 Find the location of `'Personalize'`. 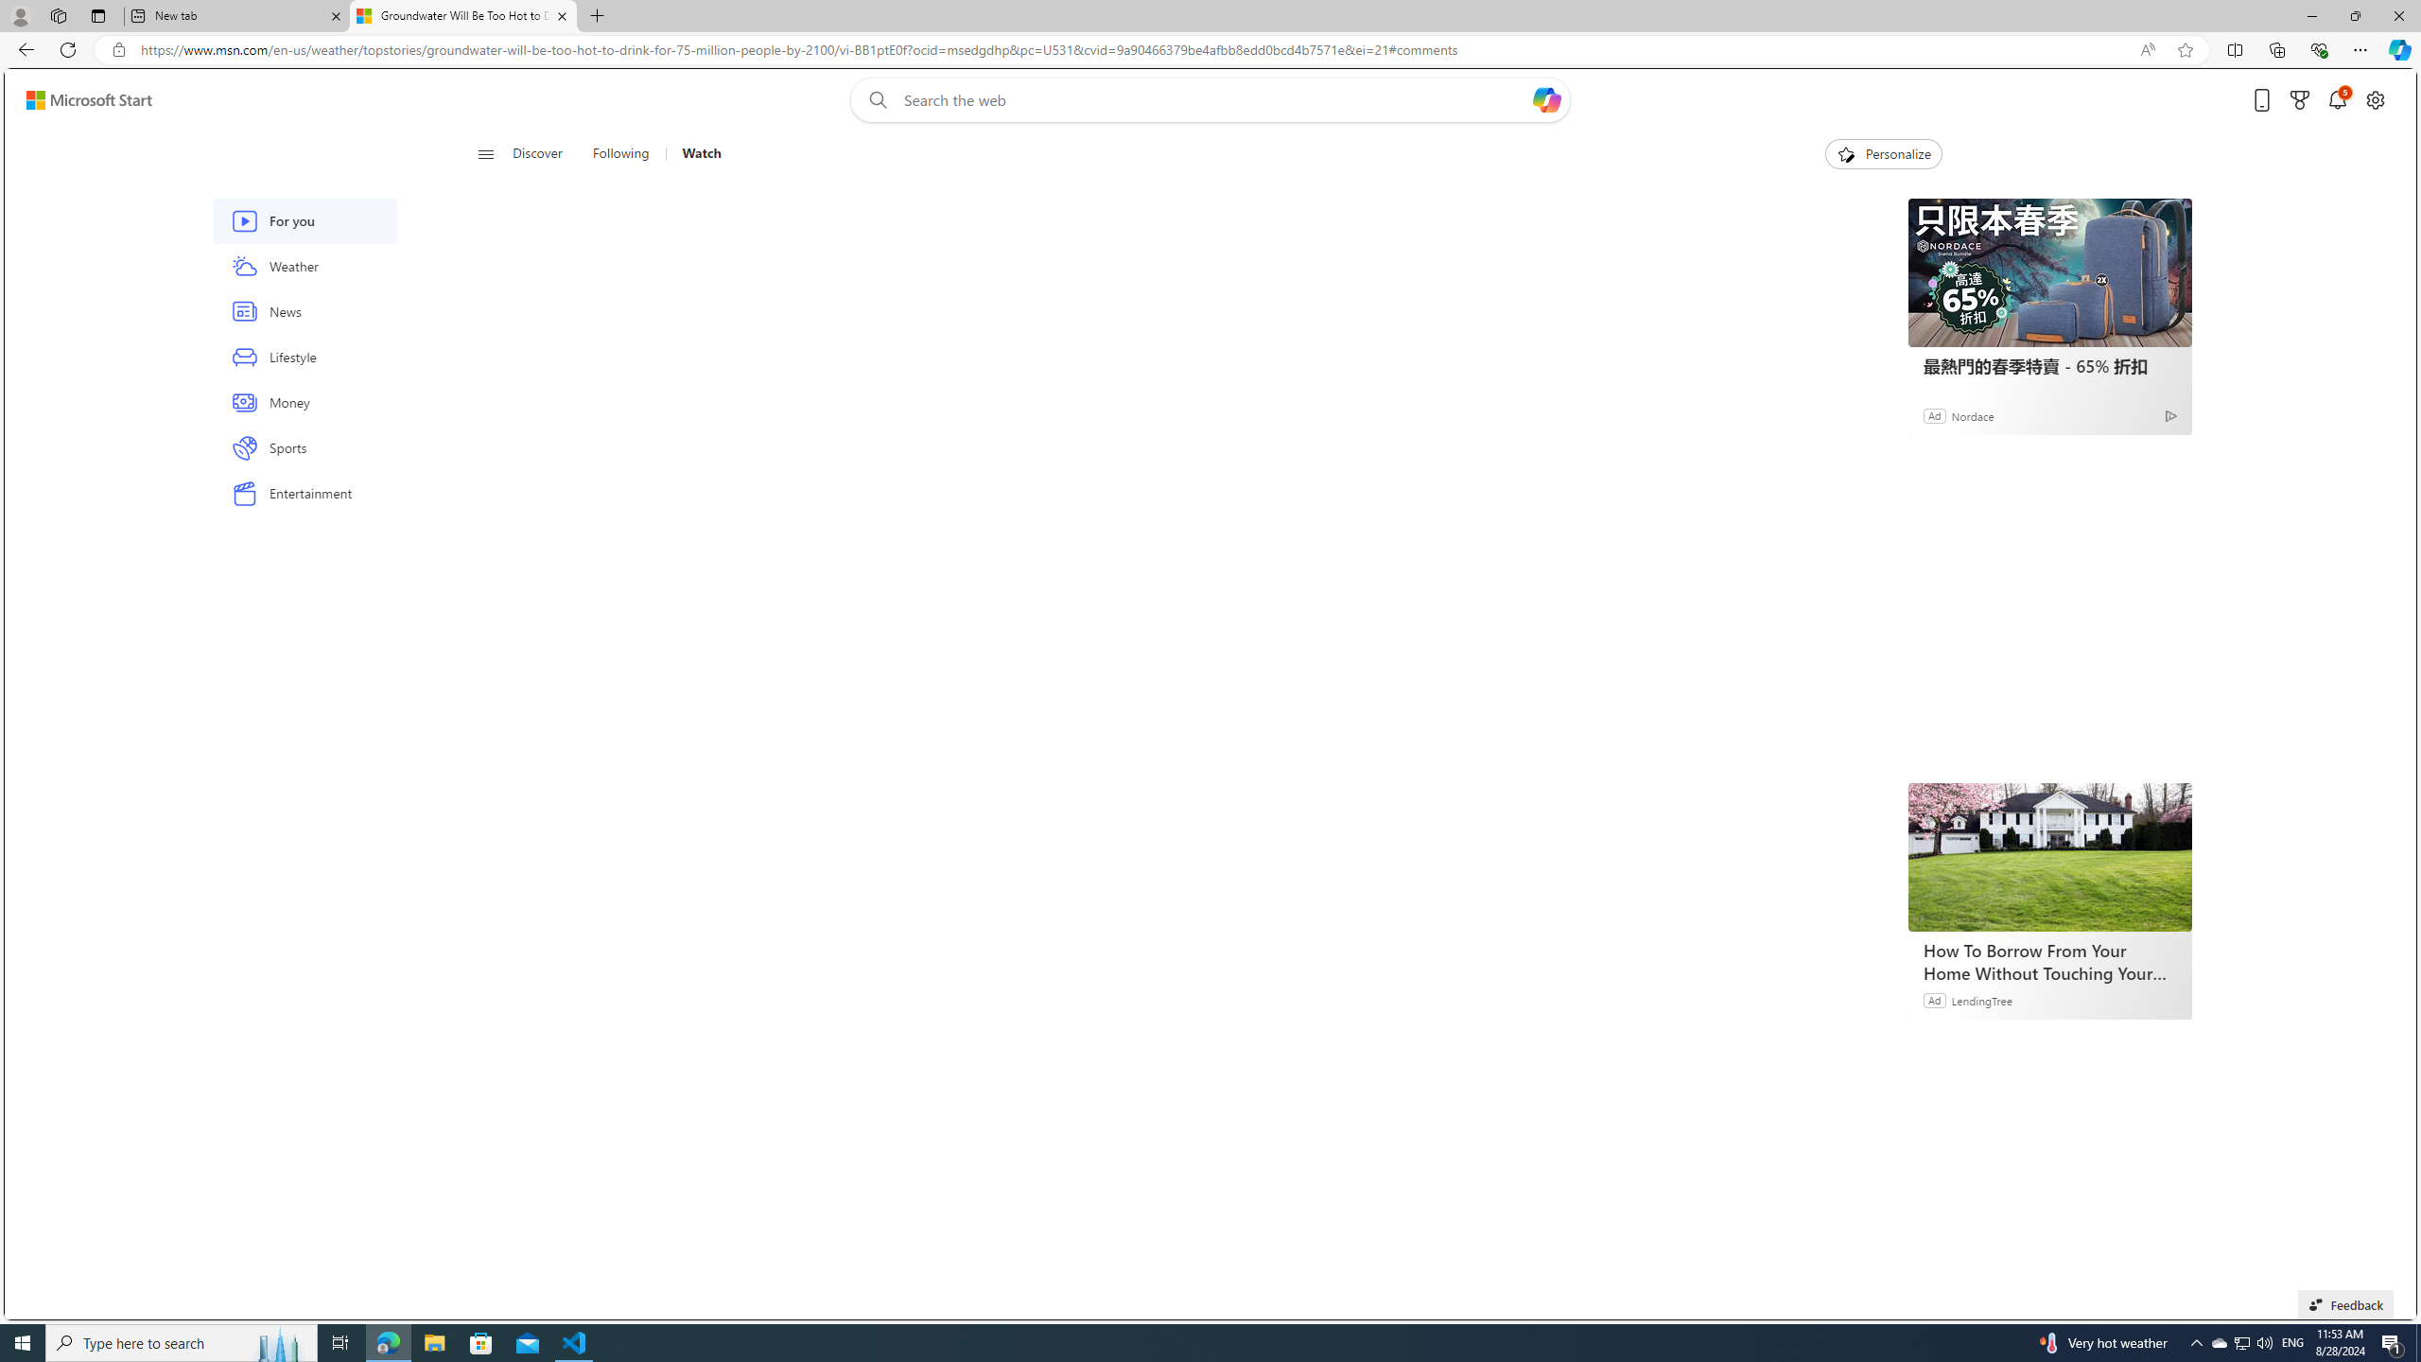

'Personalize' is located at coordinates (1882, 153).